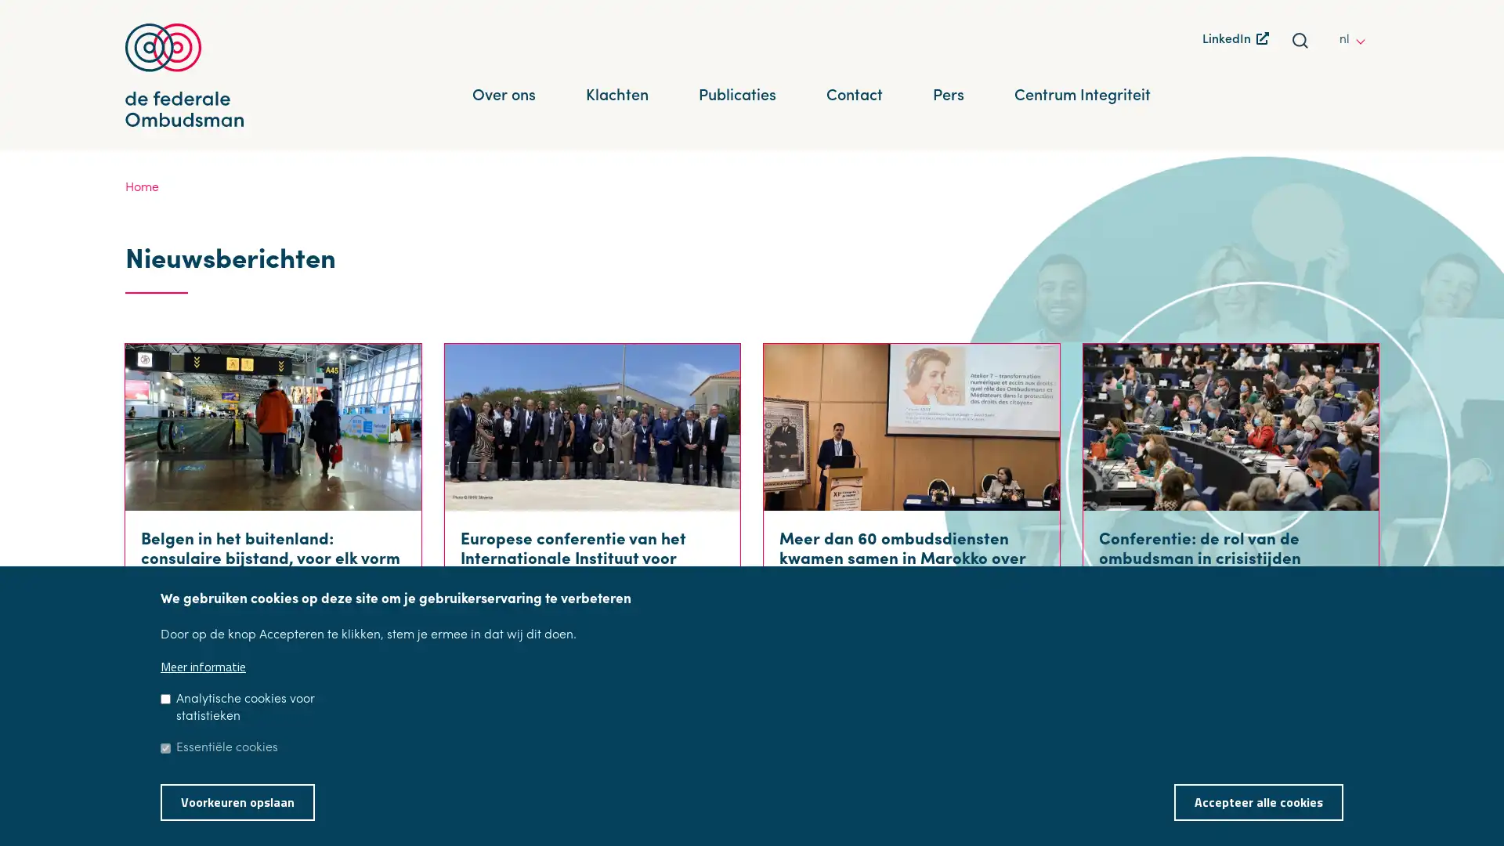 This screenshot has width=1504, height=846. What do you see at coordinates (1259, 801) in the screenshot?
I see `Accepteer alle cookies` at bounding box center [1259, 801].